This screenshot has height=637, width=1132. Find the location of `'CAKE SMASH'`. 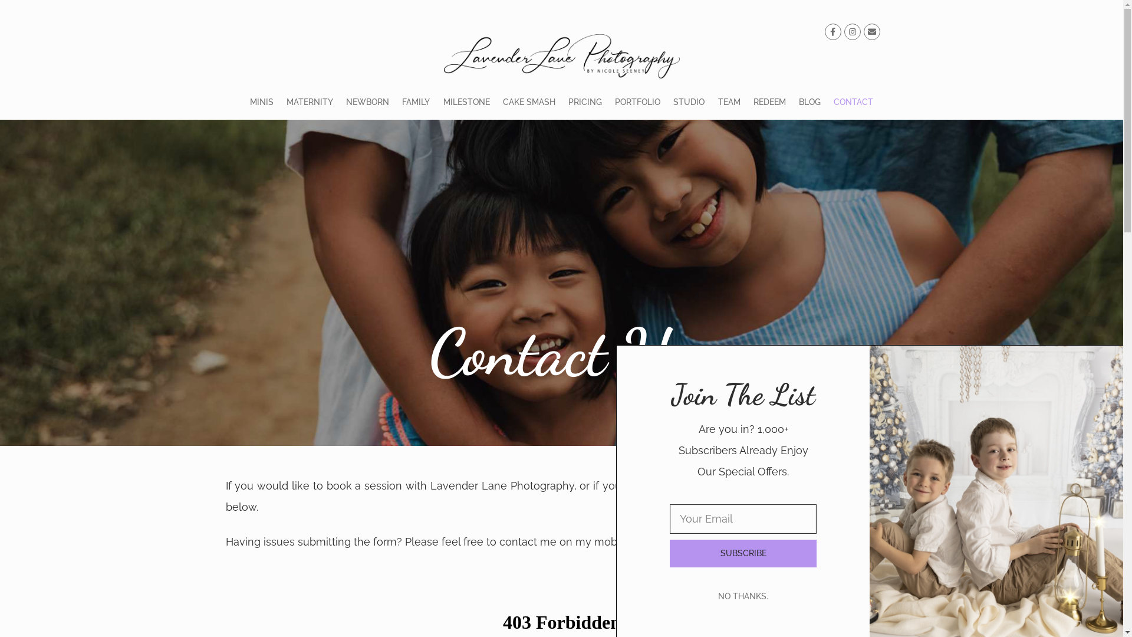

'CAKE SMASH' is located at coordinates (528, 101).